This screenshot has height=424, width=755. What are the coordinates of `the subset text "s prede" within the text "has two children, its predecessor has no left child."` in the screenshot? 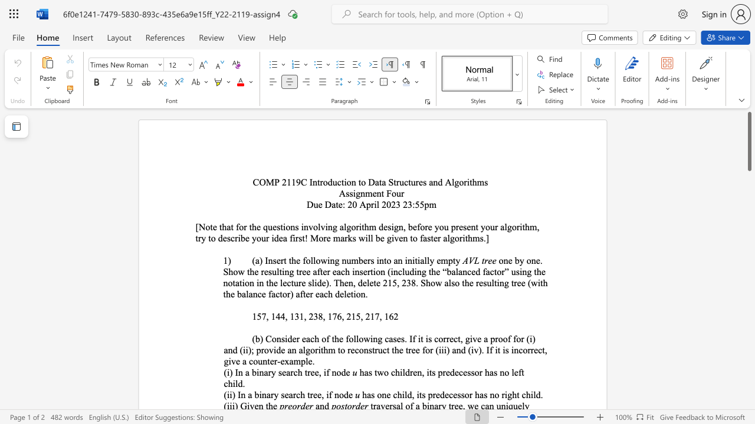 It's located at (431, 372).